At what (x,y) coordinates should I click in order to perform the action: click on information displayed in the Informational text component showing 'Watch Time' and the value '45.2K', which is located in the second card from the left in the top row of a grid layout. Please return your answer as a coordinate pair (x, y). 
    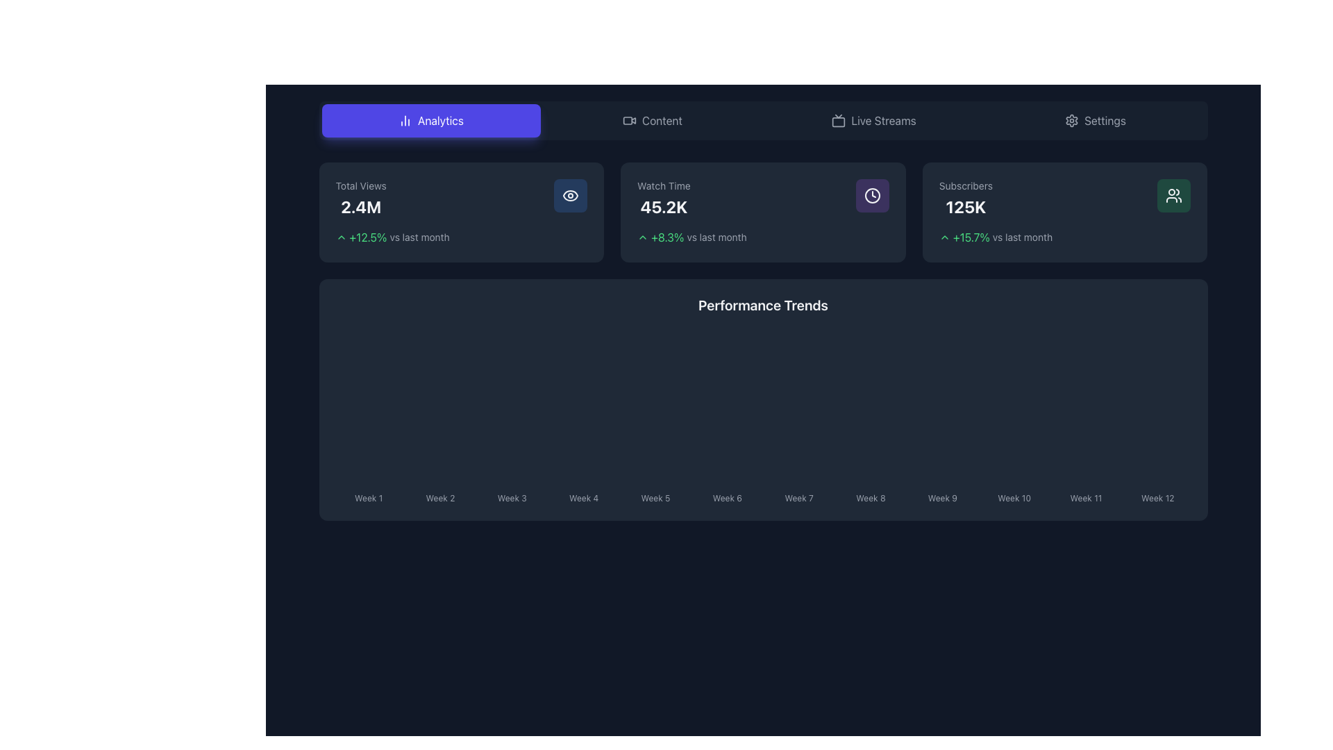
    Looking at the image, I should click on (663, 198).